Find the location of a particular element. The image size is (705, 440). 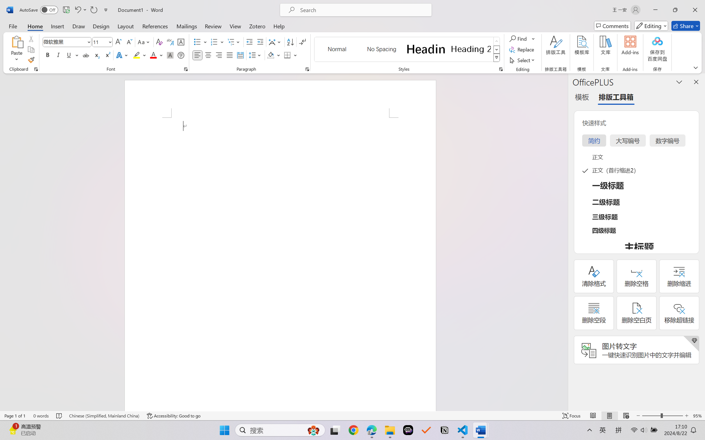

'Page 1 content' is located at coordinates (280, 264).